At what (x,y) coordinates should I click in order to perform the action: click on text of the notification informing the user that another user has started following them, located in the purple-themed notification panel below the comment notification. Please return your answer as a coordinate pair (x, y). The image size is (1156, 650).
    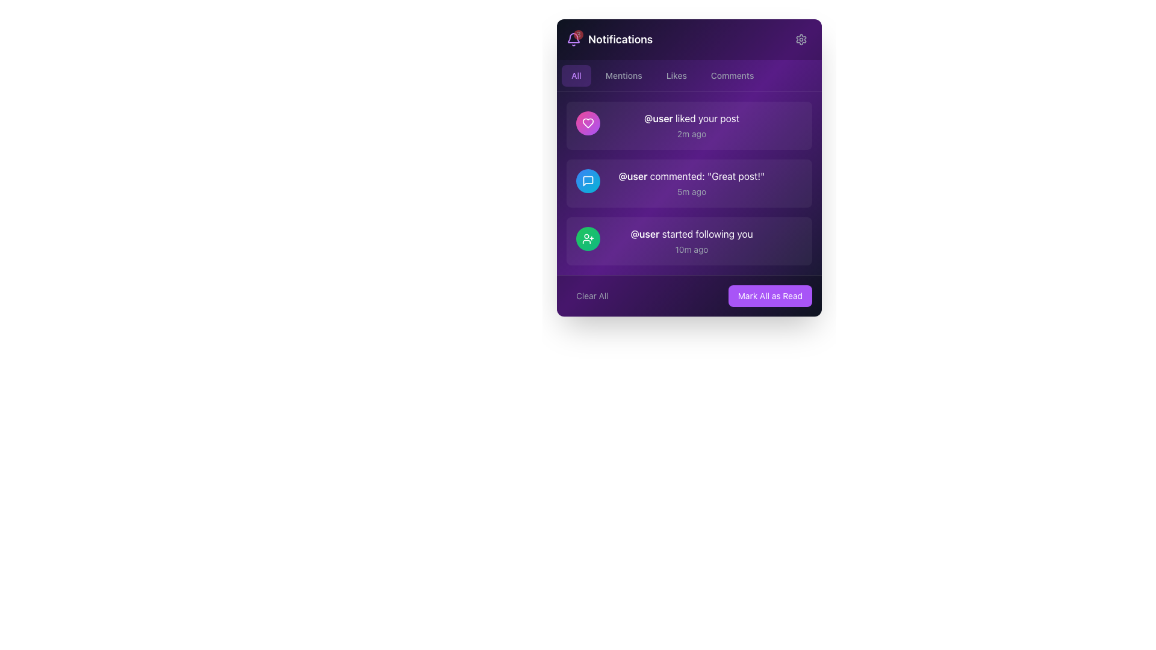
    Looking at the image, I should click on (691, 241).